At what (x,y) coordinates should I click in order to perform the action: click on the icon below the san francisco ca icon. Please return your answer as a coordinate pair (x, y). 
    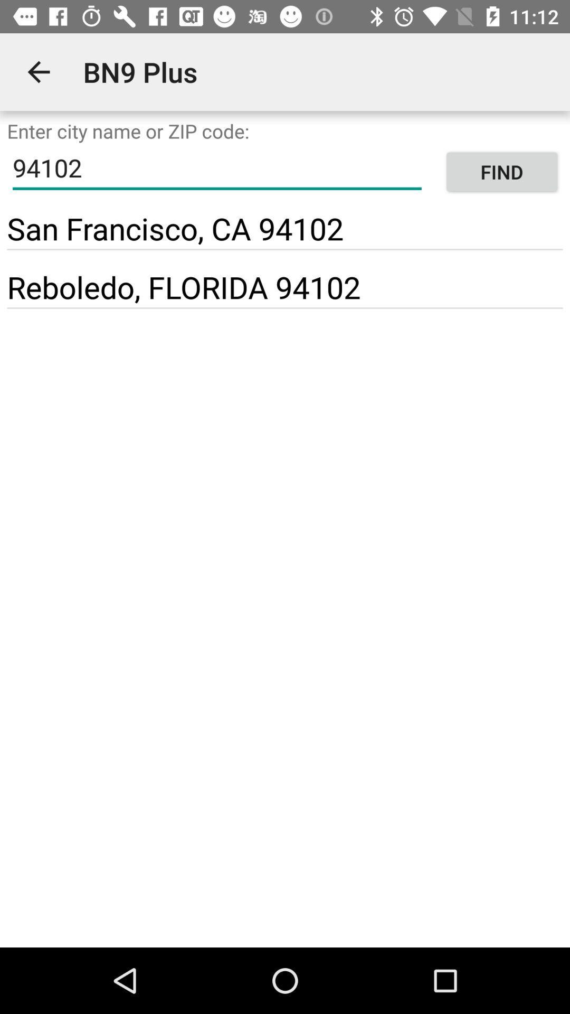
    Looking at the image, I should click on (285, 249).